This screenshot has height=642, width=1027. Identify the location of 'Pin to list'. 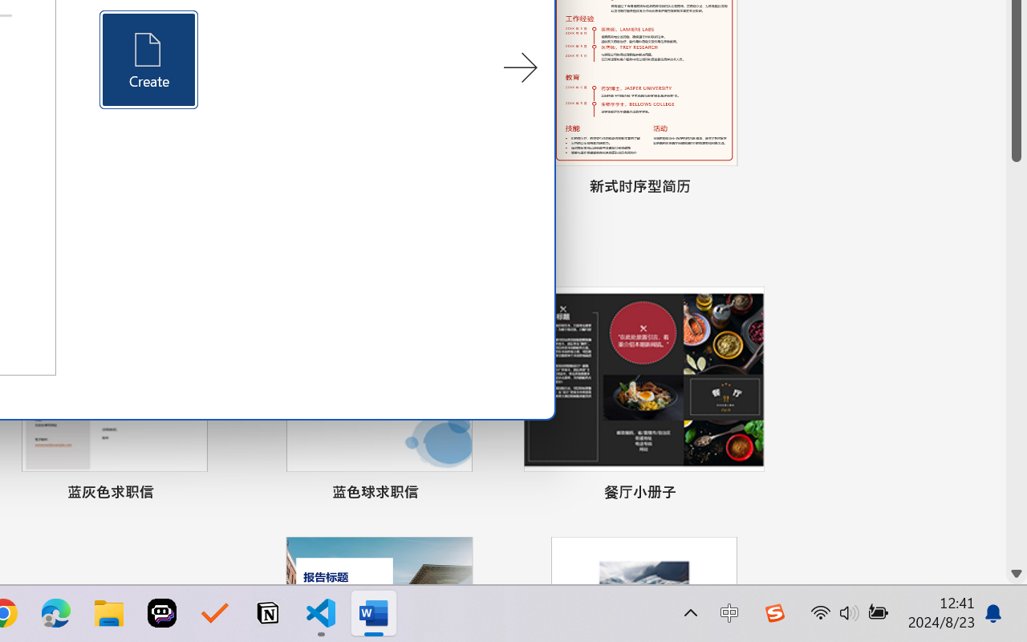
(749, 494).